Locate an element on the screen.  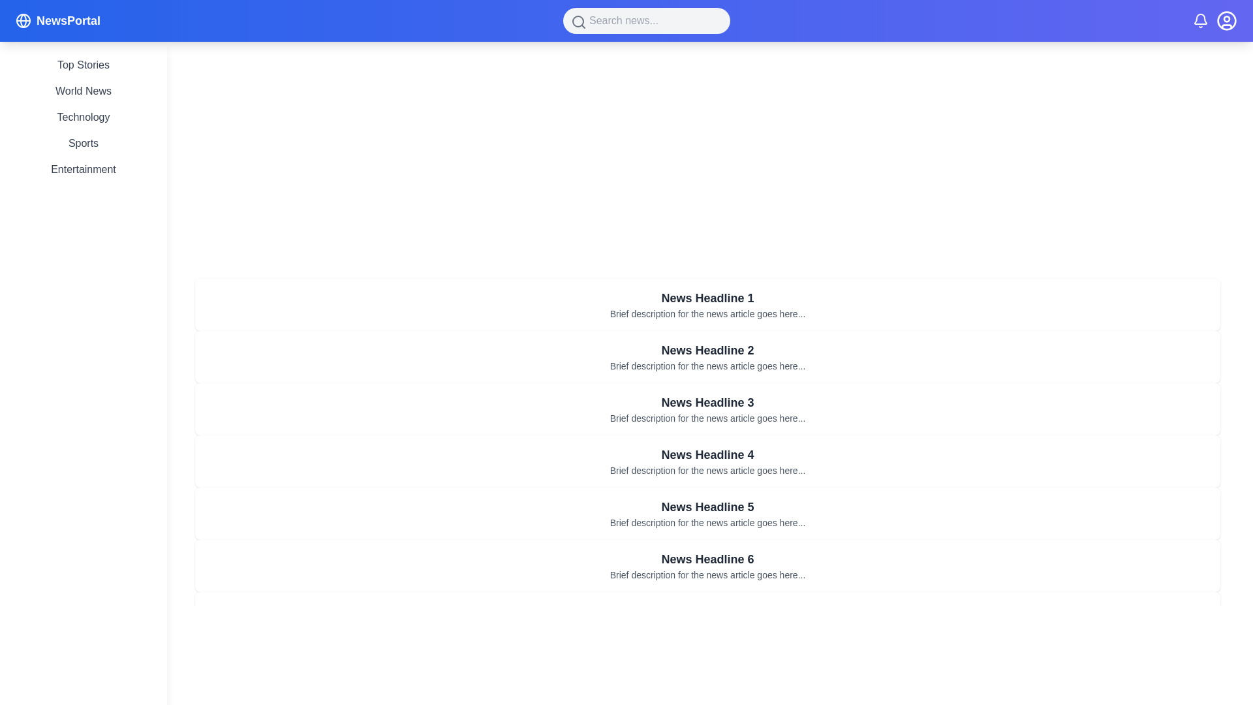
the 'World News' clickable text link in the vertical sidebar menu to change its color from gray to indigo is located at coordinates (83, 90).